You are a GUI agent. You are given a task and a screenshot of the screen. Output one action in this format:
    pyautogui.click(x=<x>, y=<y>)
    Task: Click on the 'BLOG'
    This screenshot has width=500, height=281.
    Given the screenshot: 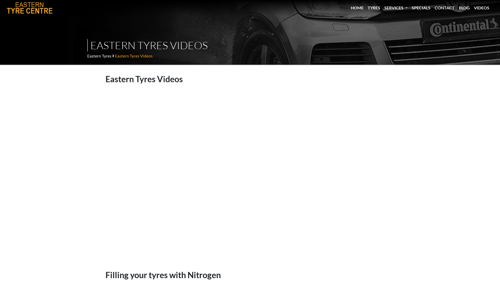 What is the action you would take?
    pyautogui.click(x=466, y=8)
    